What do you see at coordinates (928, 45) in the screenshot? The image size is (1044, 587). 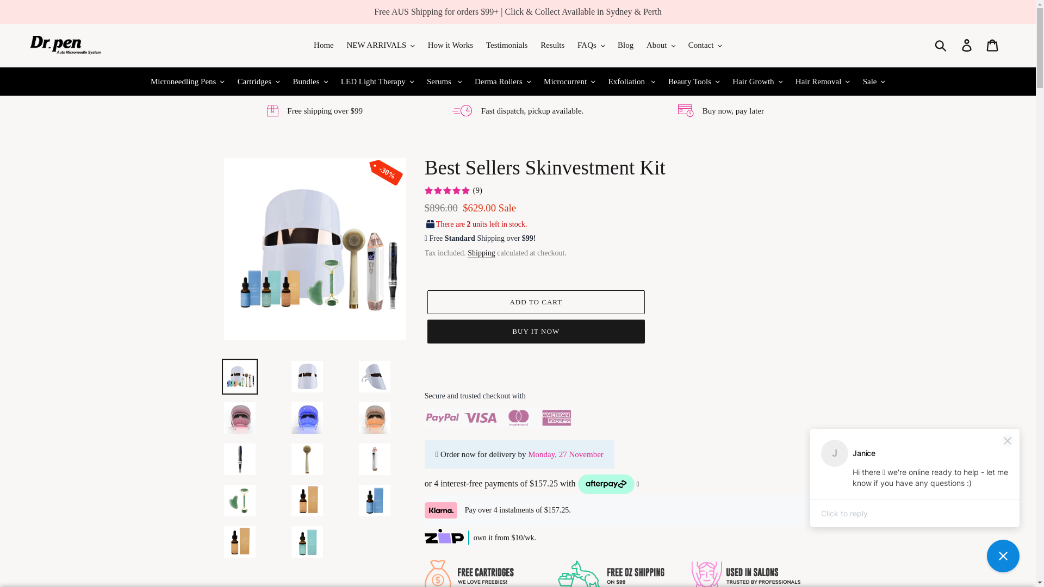 I see `'Submit'` at bounding box center [928, 45].